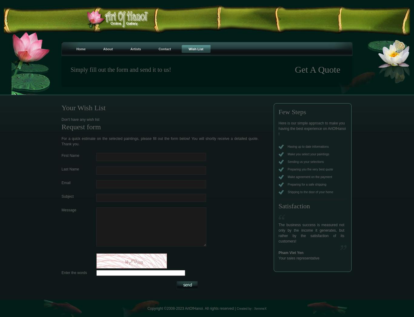 Image resolution: width=414 pixels, height=317 pixels. I want to click on 'Artists', so click(135, 49).